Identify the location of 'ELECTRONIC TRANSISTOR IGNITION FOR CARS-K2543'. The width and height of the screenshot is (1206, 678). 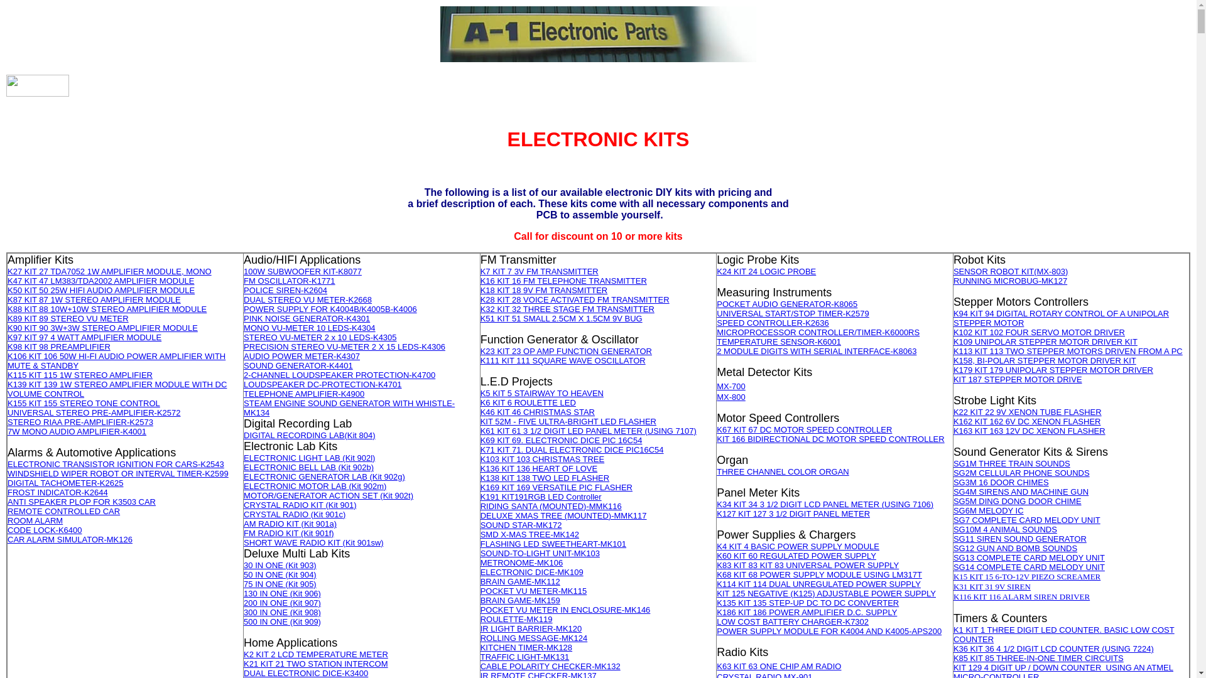
(116, 464).